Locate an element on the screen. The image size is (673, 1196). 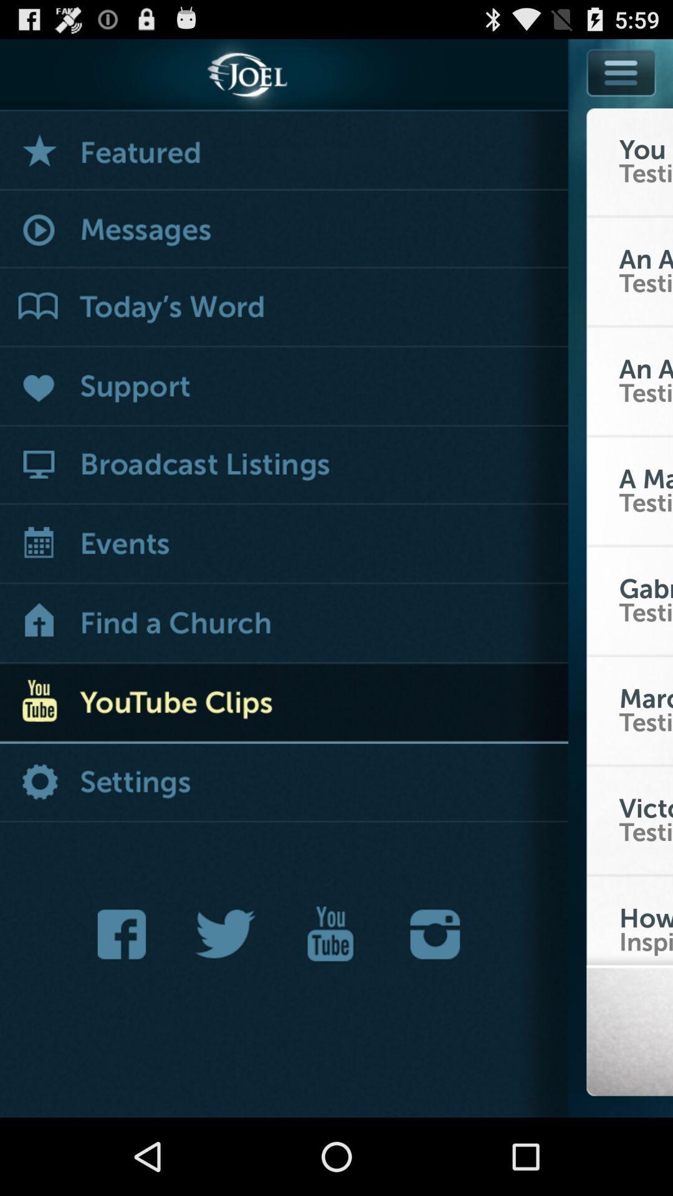
the twitter icon is located at coordinates (226, 1000).